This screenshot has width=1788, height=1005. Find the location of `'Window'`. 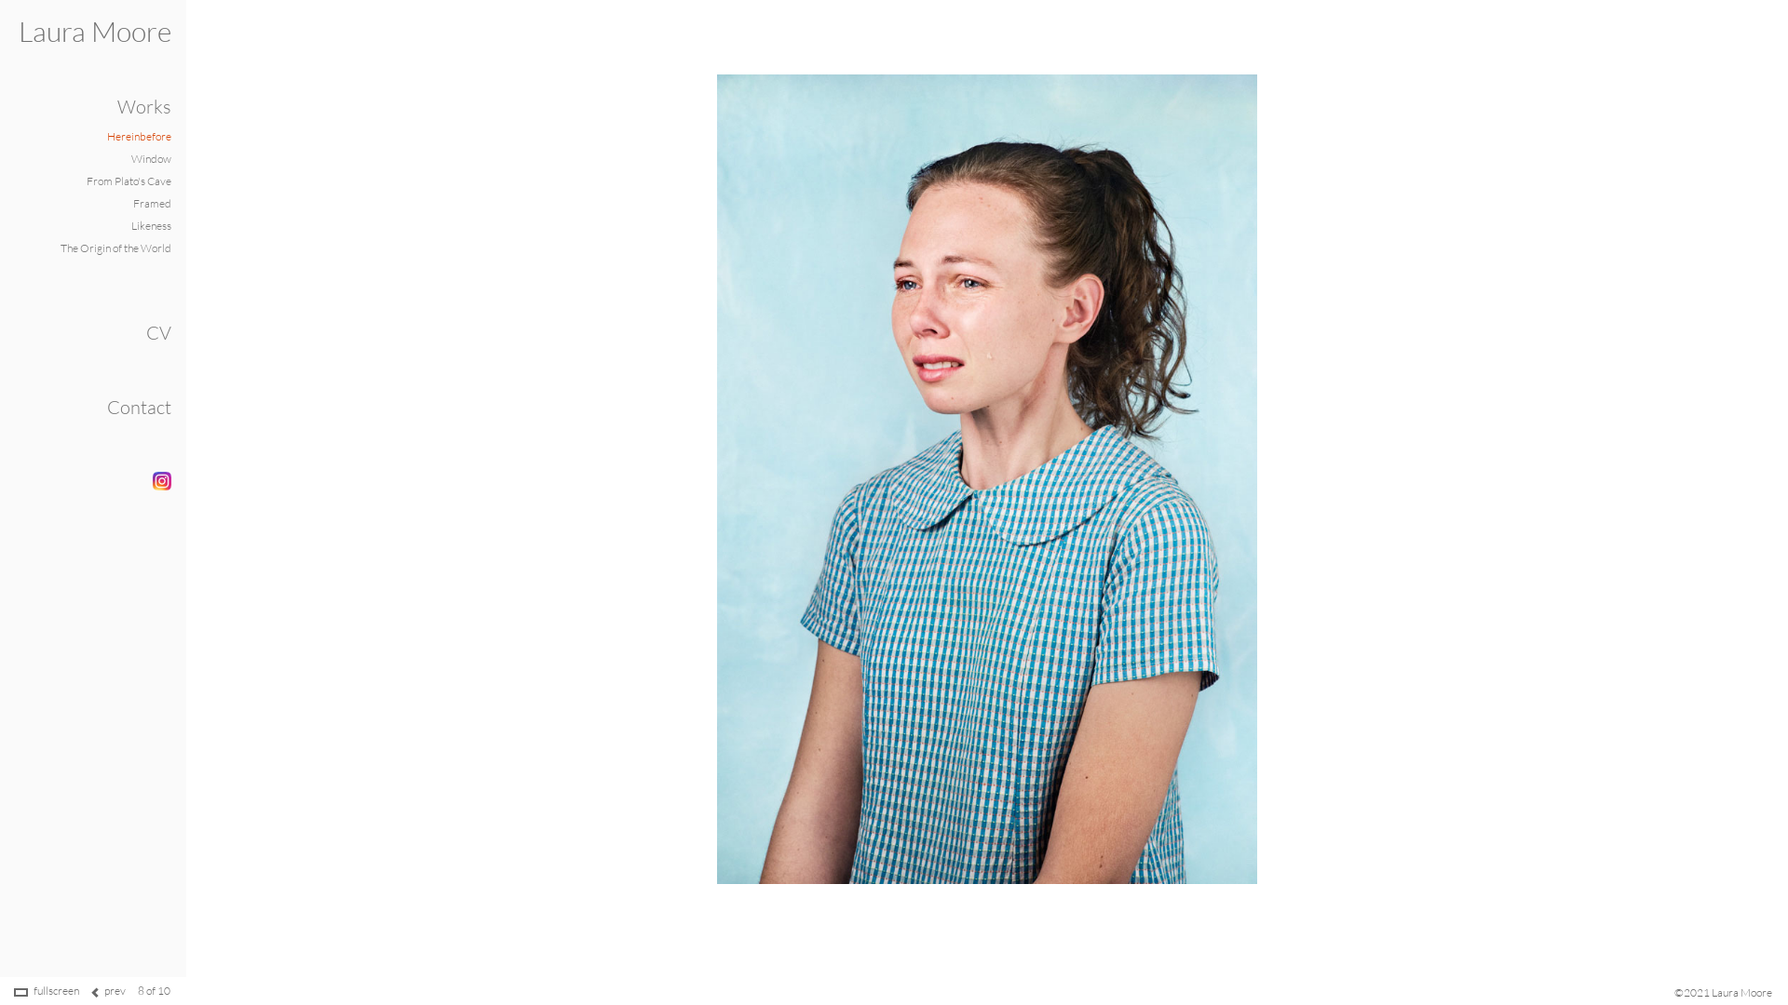

'Window' is located at coordinates (151, 157).